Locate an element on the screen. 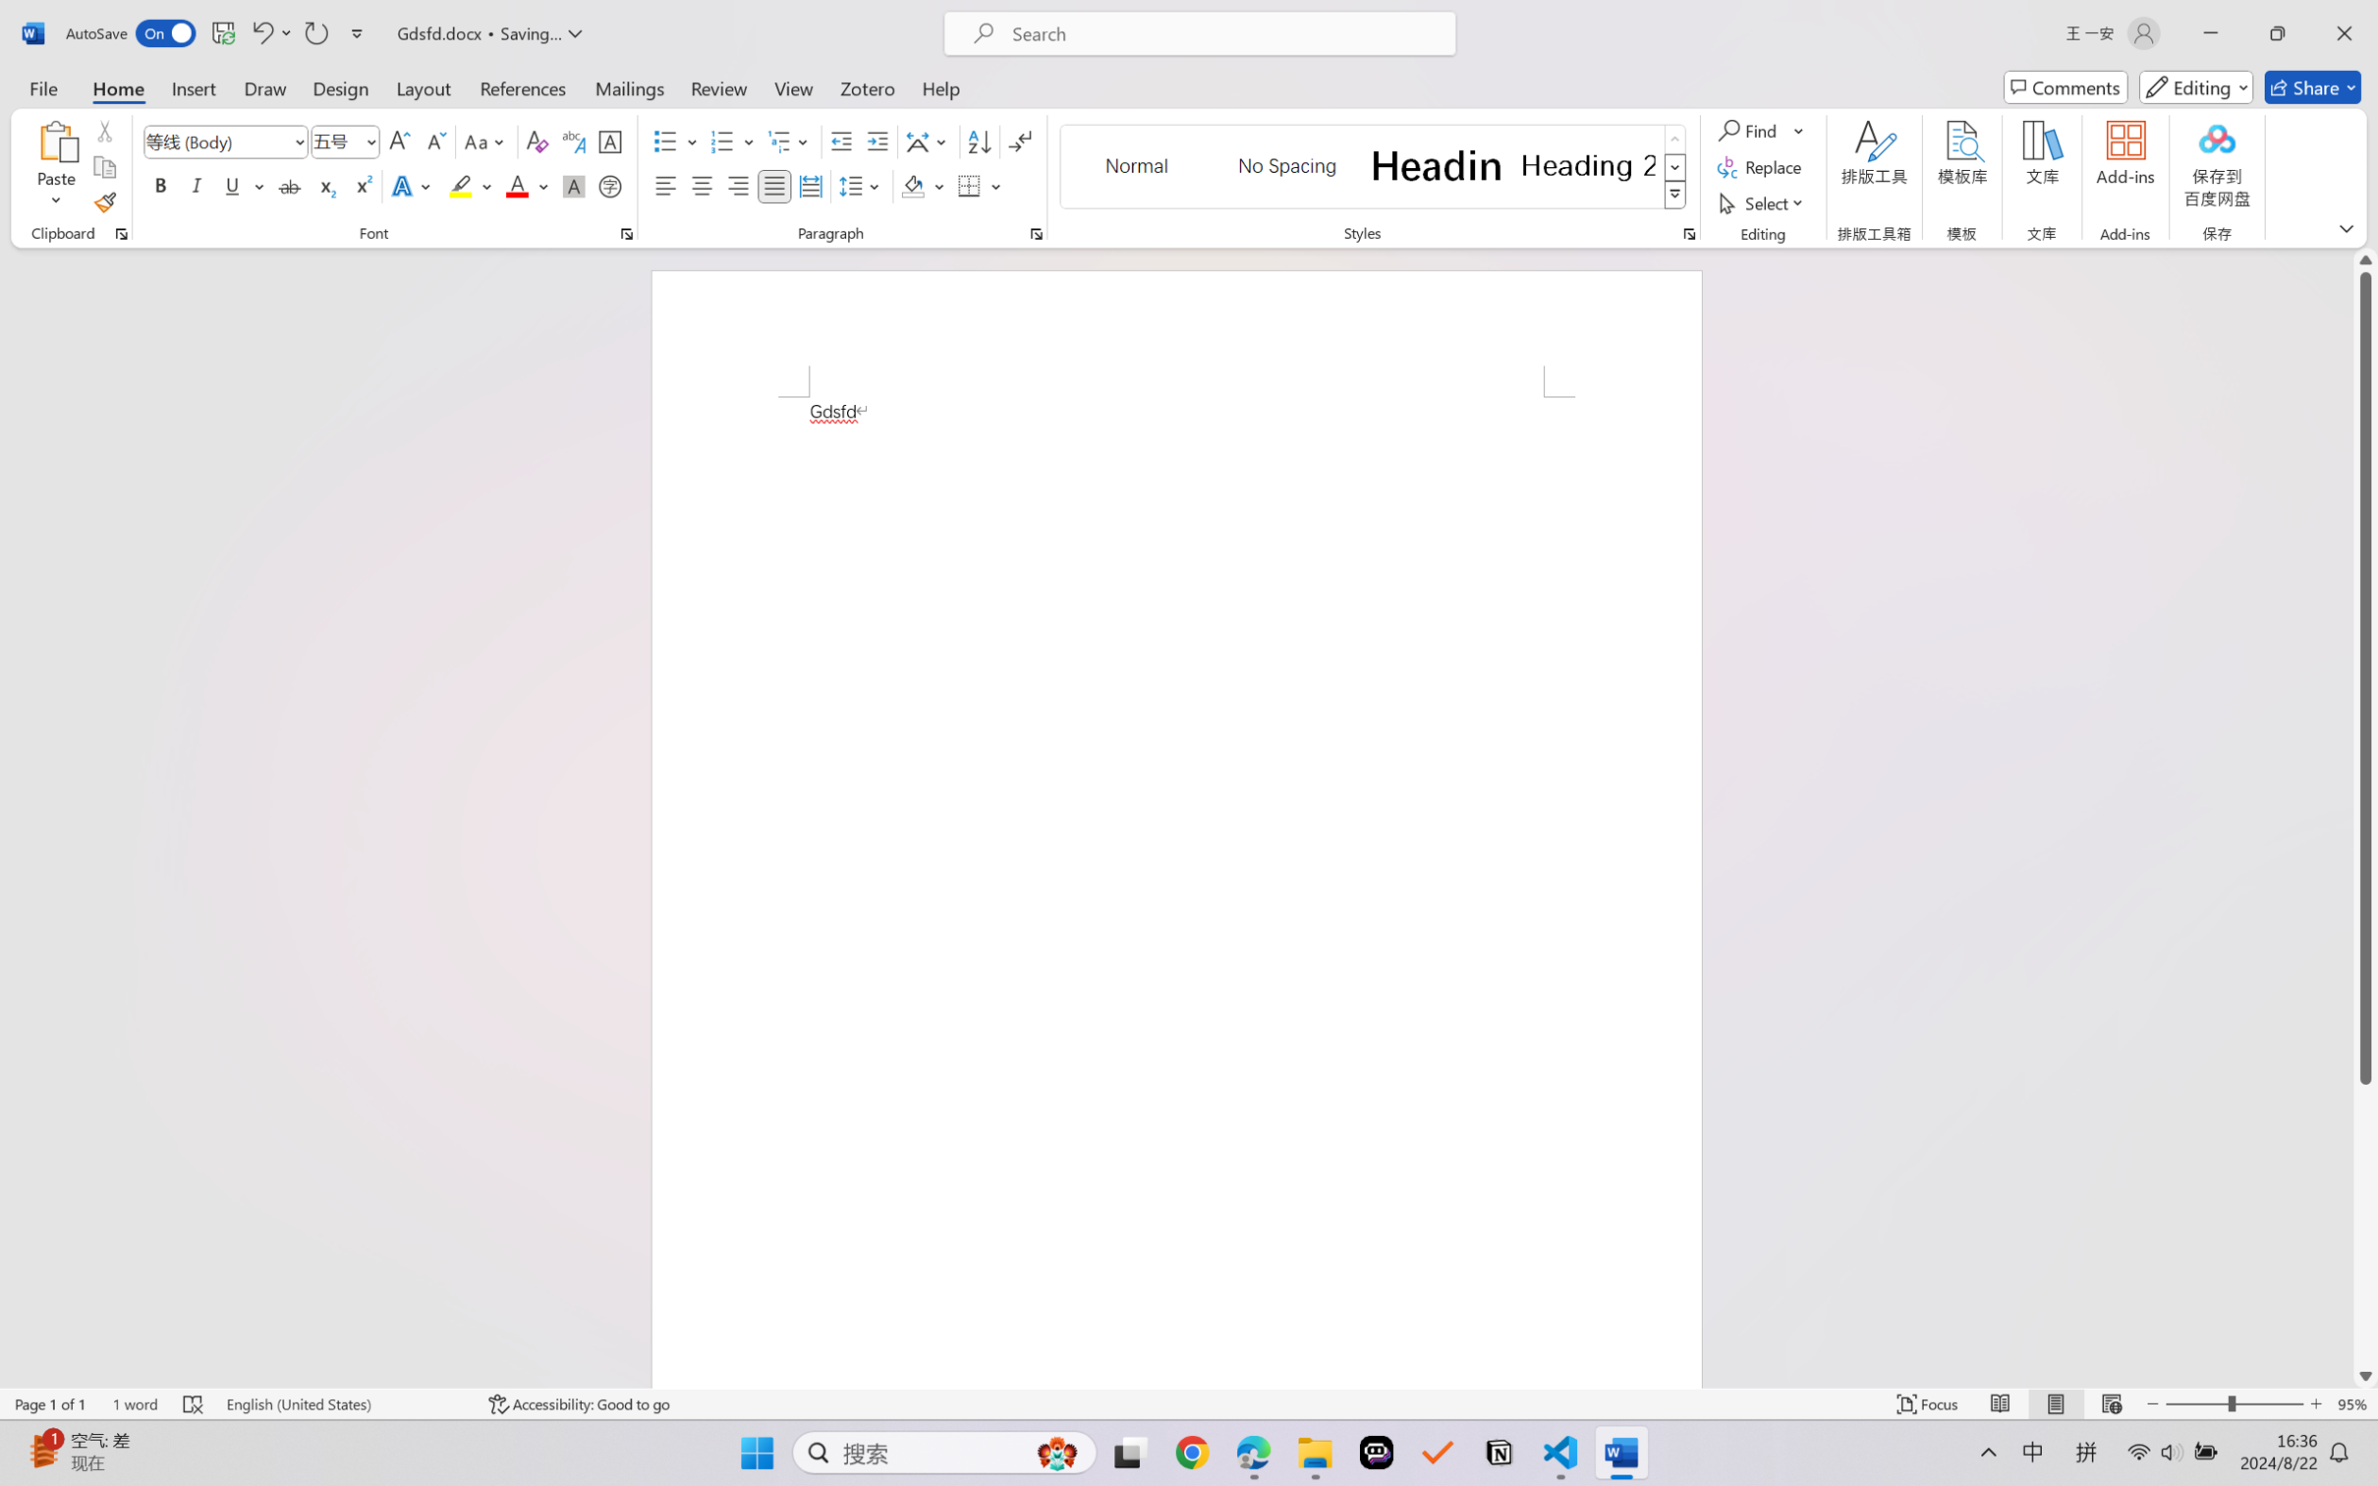 This screenshot has width=2378, height=1486. 'Microsoft search' is located at coordinates (1224, 32).